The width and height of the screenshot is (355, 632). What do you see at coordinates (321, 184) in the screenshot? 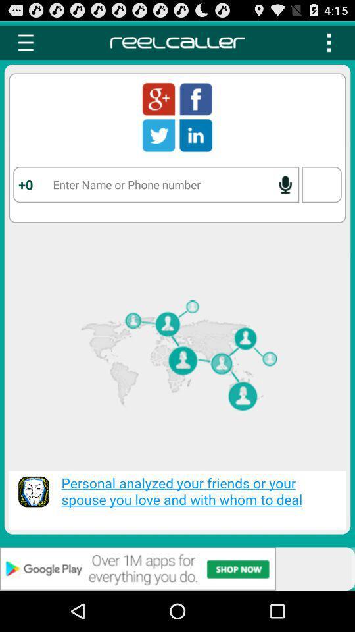
I see `the box present below the three dot icon` at bounding box center [321, 184].